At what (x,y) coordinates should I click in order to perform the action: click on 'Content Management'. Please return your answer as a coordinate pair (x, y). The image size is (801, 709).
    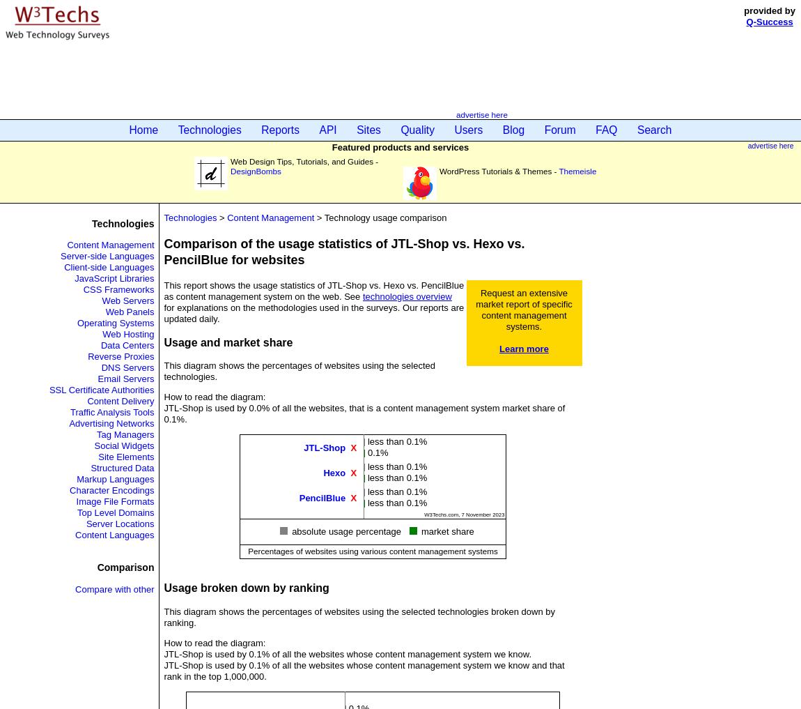
    Looking at the image, I should click on (270, 218).